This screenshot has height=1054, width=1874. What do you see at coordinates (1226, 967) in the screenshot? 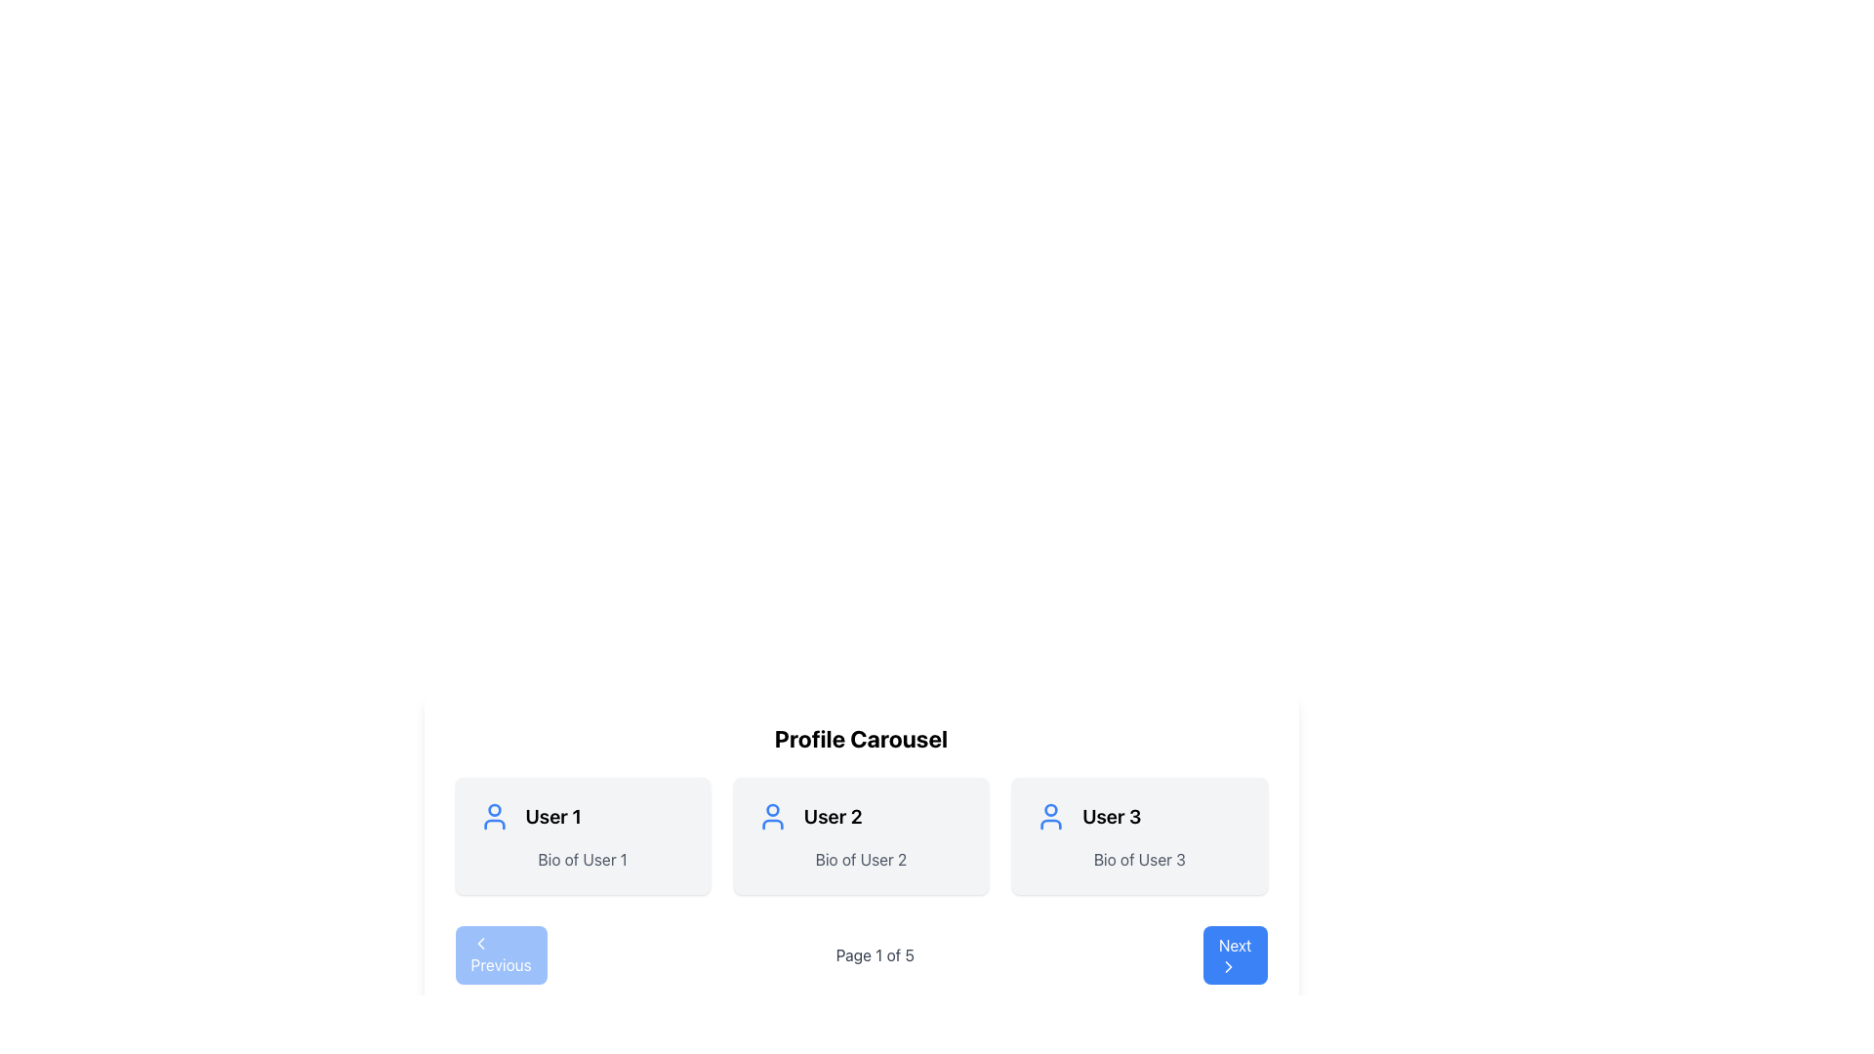
I see `the right-pointing chevron icon within the blue 'Next' button` at bounding box center [1226, 967].